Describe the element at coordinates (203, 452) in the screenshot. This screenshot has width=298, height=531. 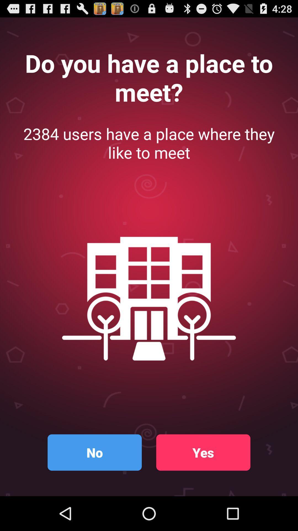
I see `icon to the right of the no` at that location.